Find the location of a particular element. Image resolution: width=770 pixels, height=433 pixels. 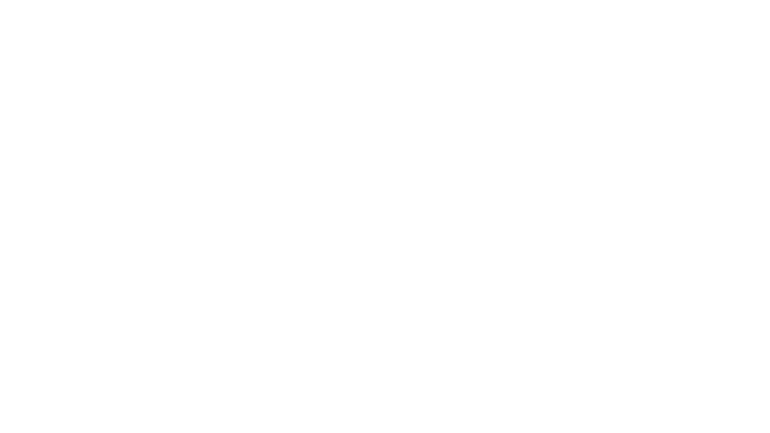

Ben Orenstein's Public Dating Profile is located at coordinates (55, 9).